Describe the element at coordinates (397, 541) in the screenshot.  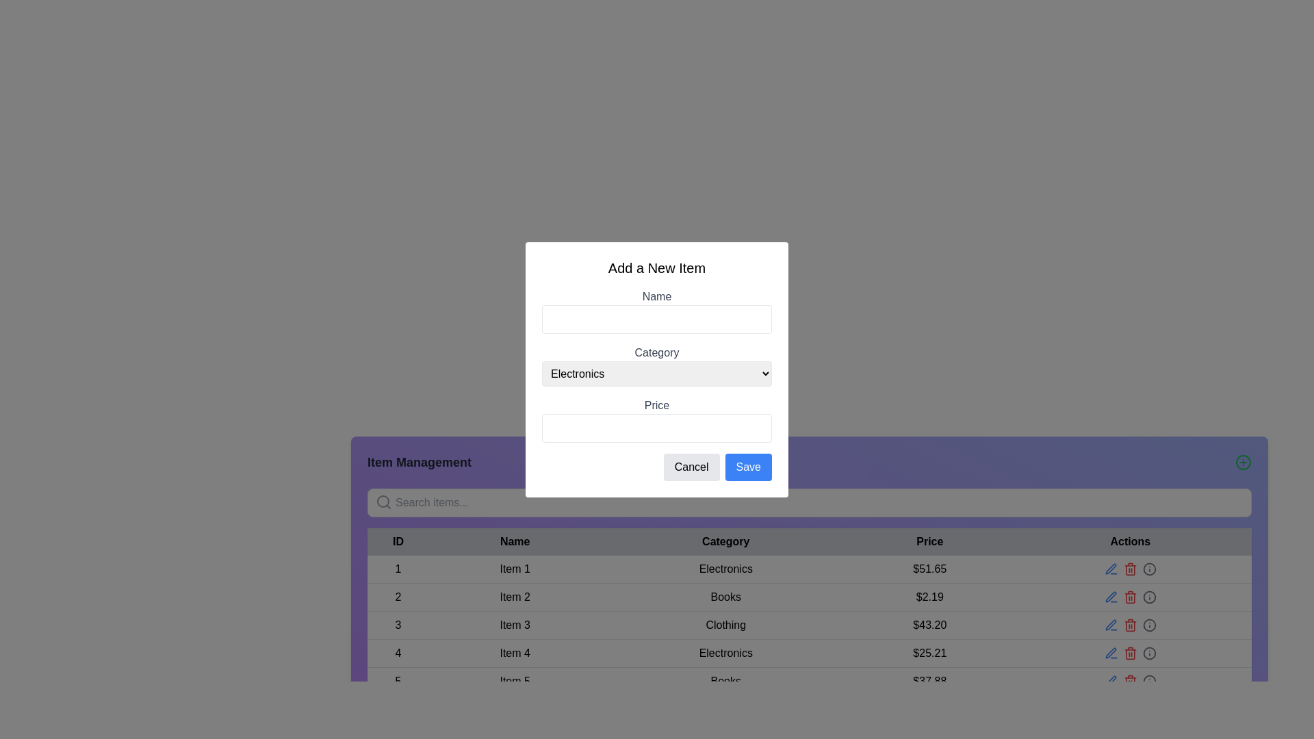
I see `the text label displaying 'ID' in bold black font, which is the first header cell in the table` at that location.